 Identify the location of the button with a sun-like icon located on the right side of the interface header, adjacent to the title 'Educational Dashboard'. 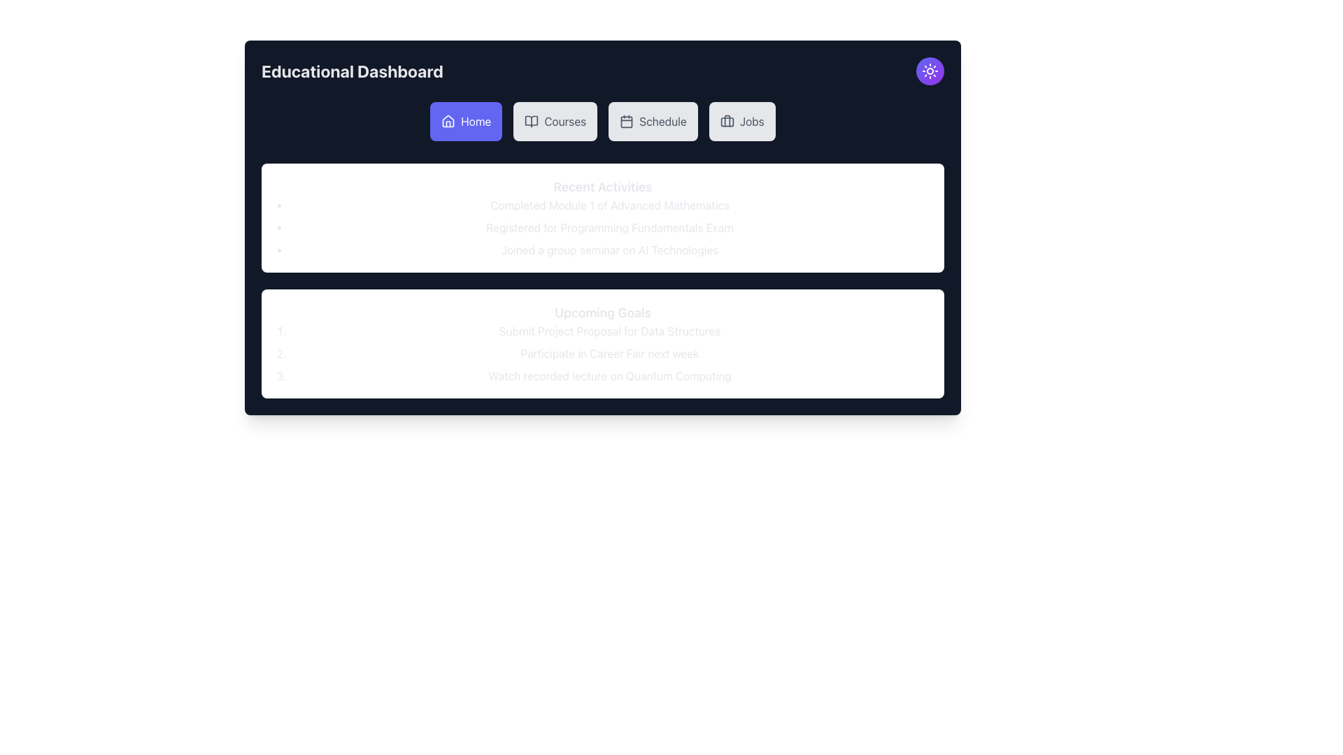
(930, 71).